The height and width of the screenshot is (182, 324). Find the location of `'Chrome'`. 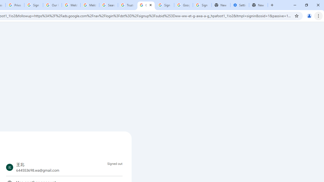

'Chrome' is located at coordinates (319, 15).